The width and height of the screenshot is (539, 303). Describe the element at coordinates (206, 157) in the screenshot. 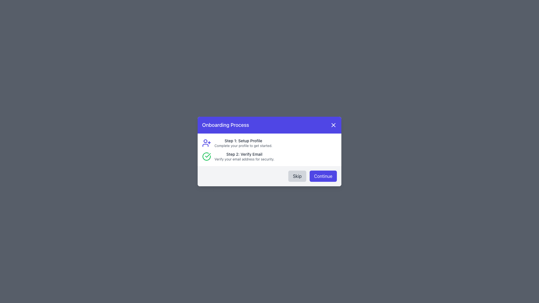

I see `the green circular icon with a checkmark indicating completion, located in the second row of steps in the 'Onboarding Process' modal, to the left of the text 'Step 2: Verify Email'` at that location.